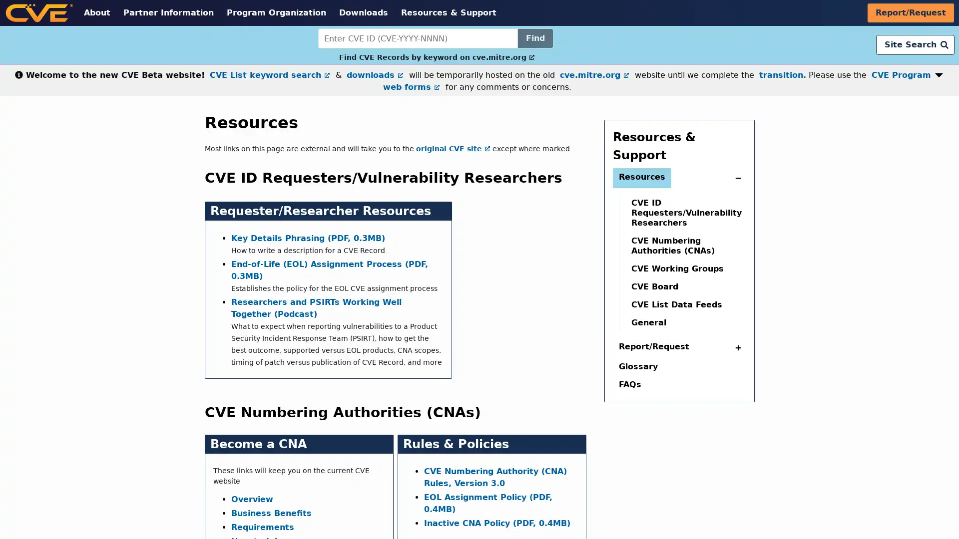  What do you see at coordinates (736, 178) in the screenshot?
I see `expand` at bounding box center [736, 178].